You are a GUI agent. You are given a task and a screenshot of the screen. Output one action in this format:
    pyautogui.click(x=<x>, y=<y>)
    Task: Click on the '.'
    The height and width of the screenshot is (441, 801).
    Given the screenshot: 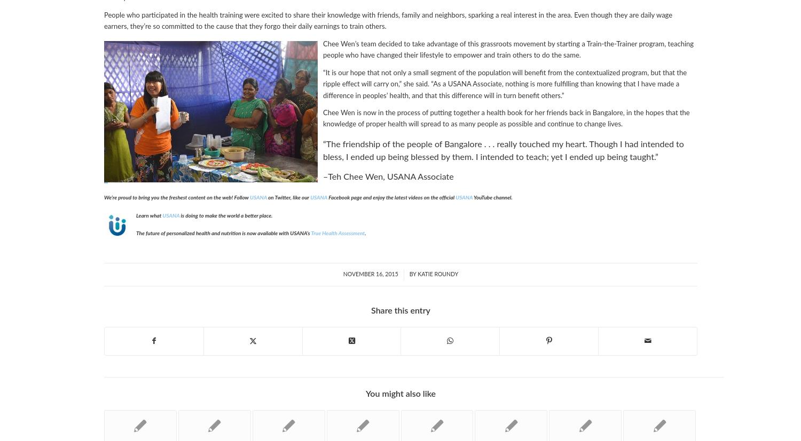 What is the action you would take?
    pyautogui.click(x=365, y=232)
    